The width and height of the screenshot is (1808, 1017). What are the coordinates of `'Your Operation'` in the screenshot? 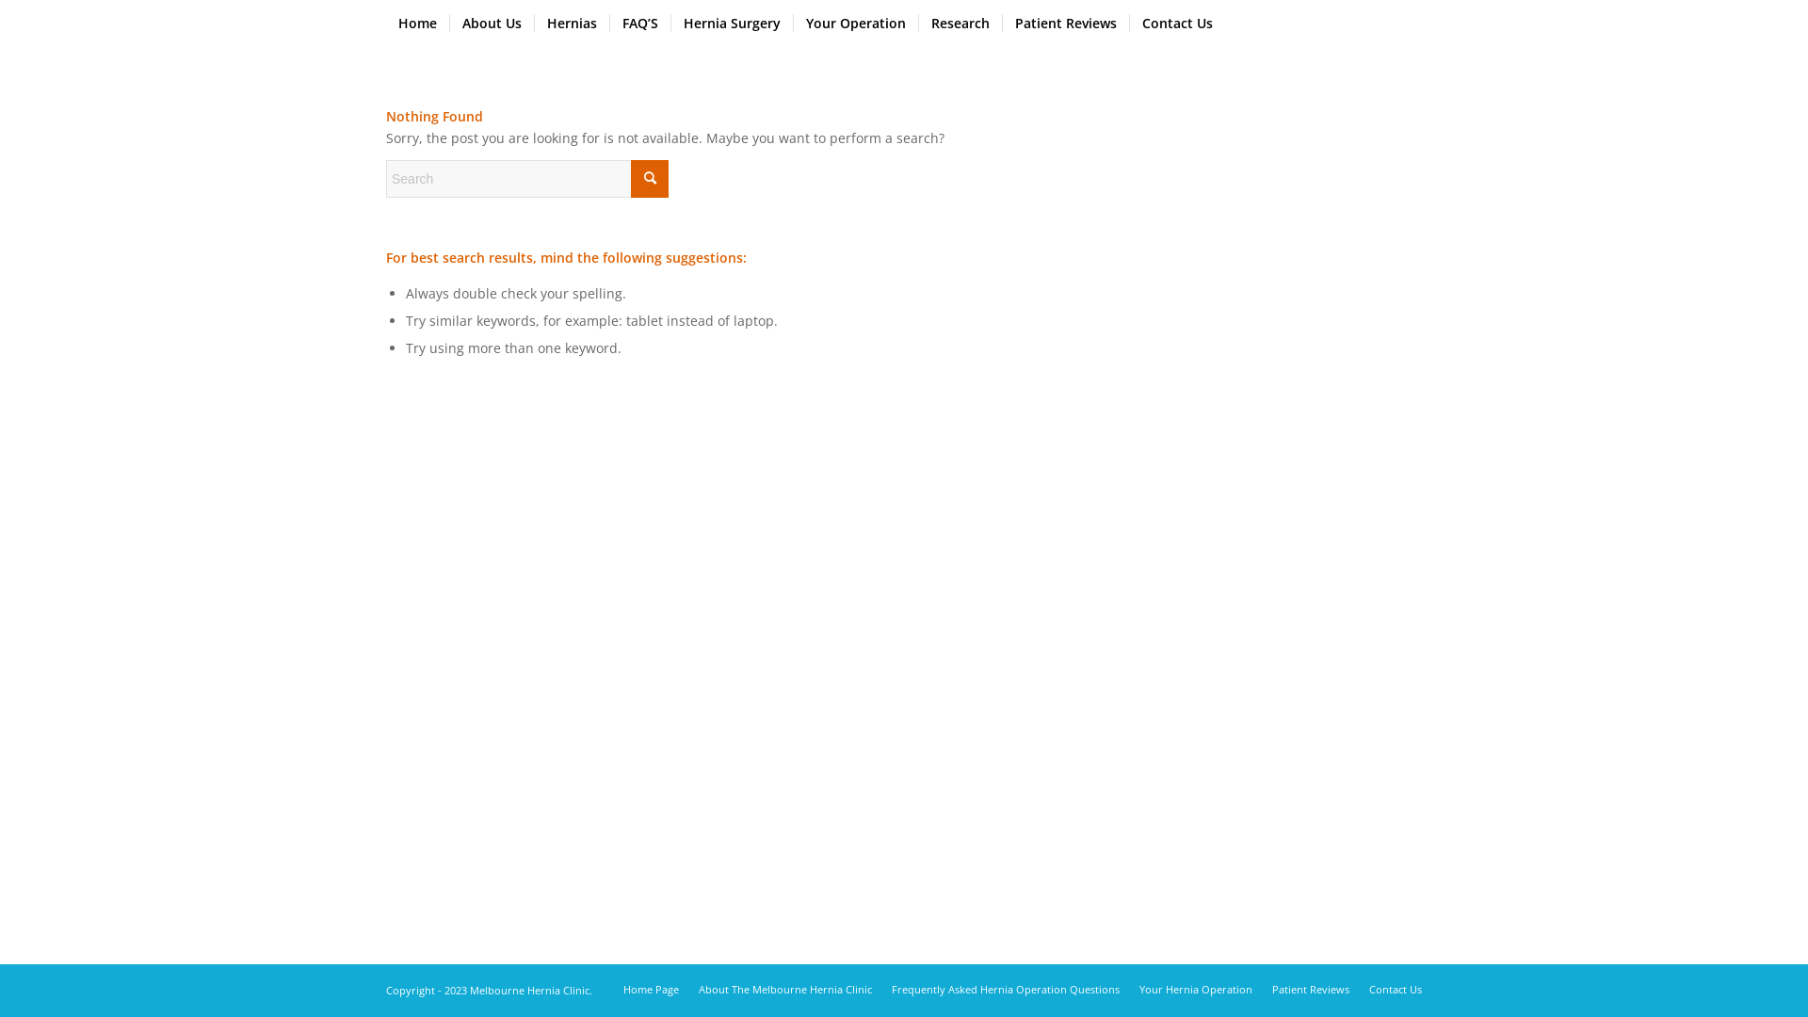 It's located at (854, 23).